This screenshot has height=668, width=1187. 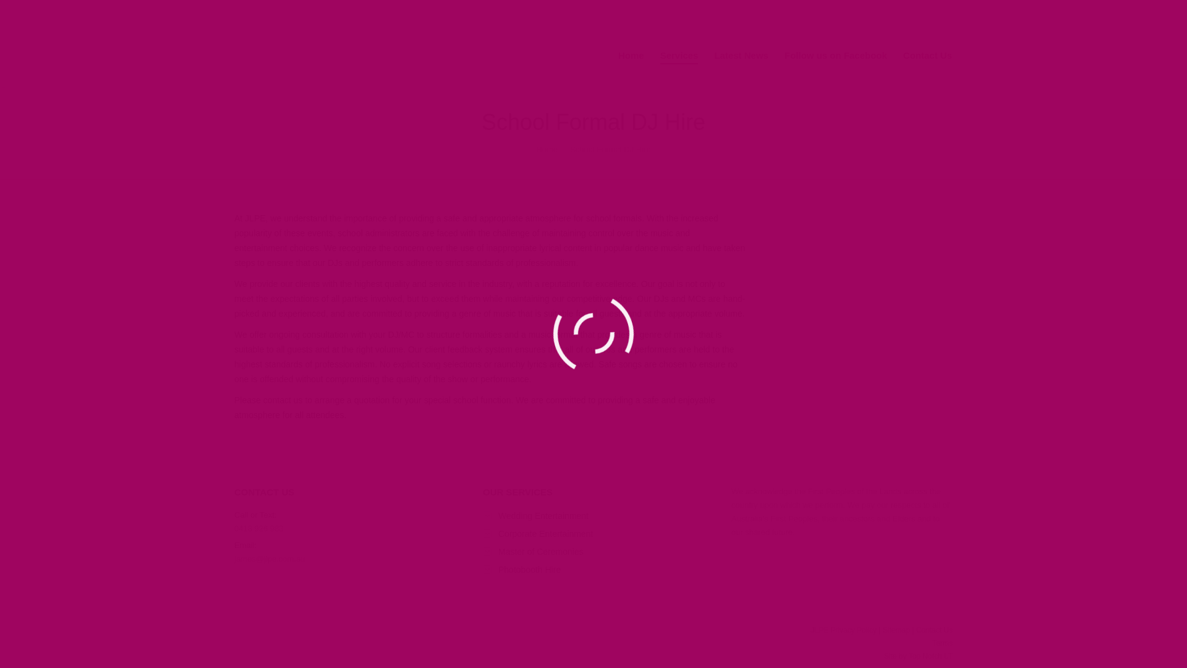 What do you see at coordinates (536, 148) in the screenshot?
I see `'Home'` at bounding box center [536, 148].